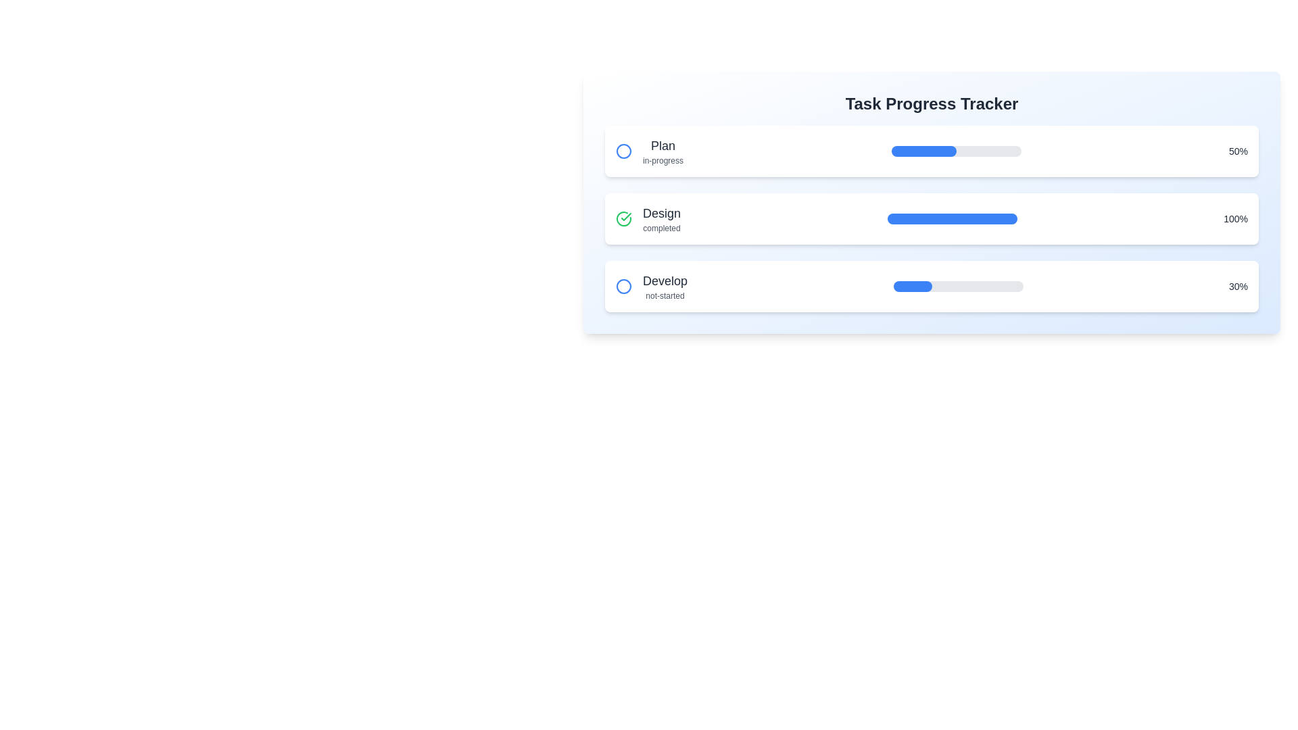 The width and height of the screenshot is (1298, 730). Describe the element at coordinates (625, 216) in the screenshot. I see `the green checkmark icon that indicates a completed status, located next to the 'Design' task in the task list` at that location.